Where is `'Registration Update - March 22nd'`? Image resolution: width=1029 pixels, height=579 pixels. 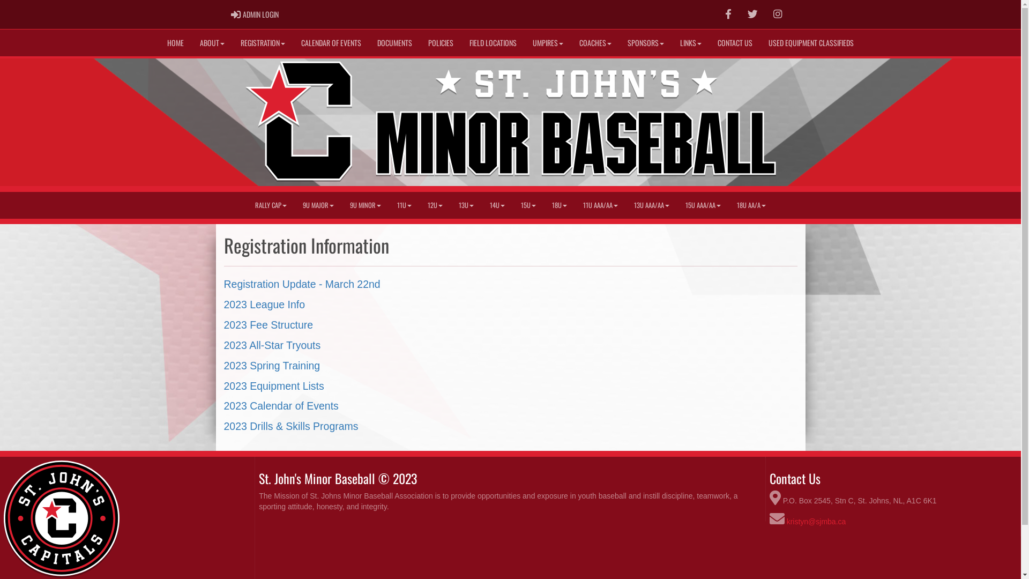
'Registration Update - March 22nd' is located at coordinates (223, 283).